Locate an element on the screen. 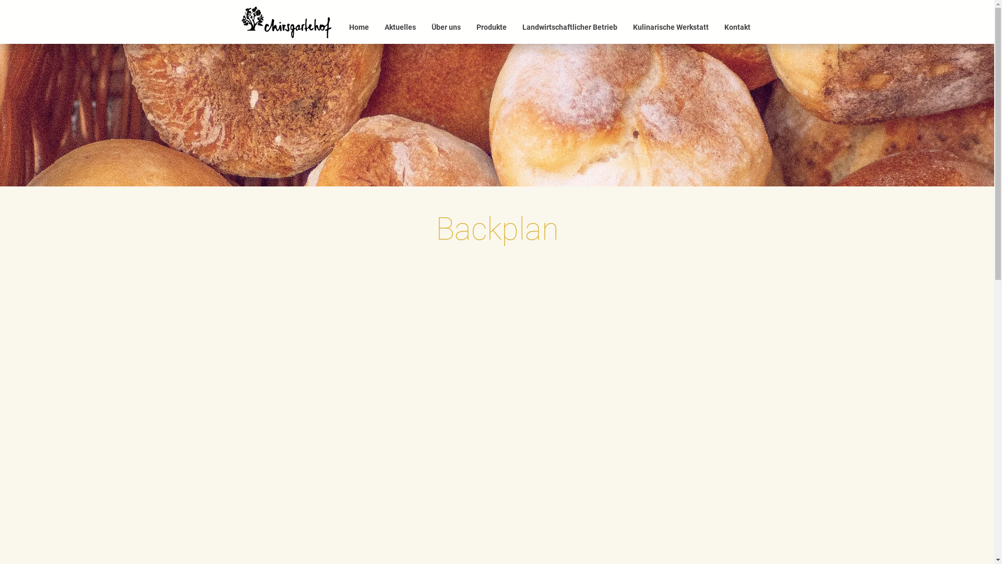 Image resolution: width=1002 pixels, height=564 pixels. 'Kulinarische Werkstatt' is located at coordinates (625, 27).